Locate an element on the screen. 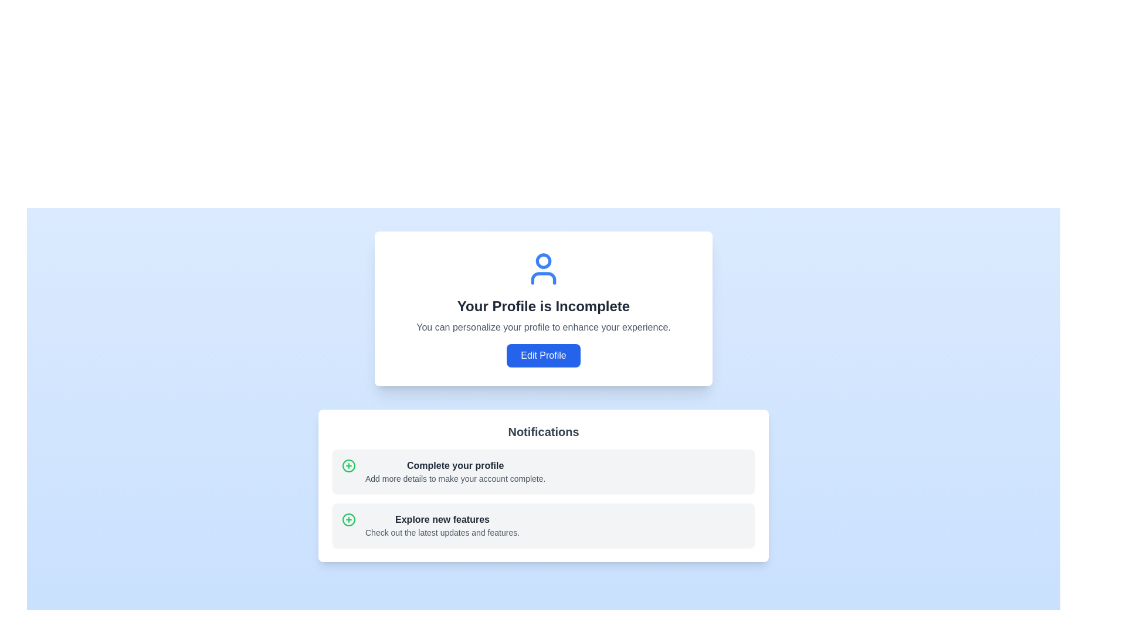 This screenshot has width=1126, height=633. the circular graphical component of the user icon, which represents a user's profile, located in the center of the interface above the 'Edit Profile' button is located at coordinates (542, 260).